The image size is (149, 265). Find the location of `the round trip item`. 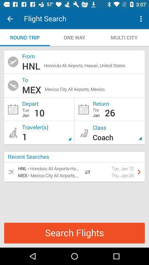

the round trip item is located at coordinates (25, 37).